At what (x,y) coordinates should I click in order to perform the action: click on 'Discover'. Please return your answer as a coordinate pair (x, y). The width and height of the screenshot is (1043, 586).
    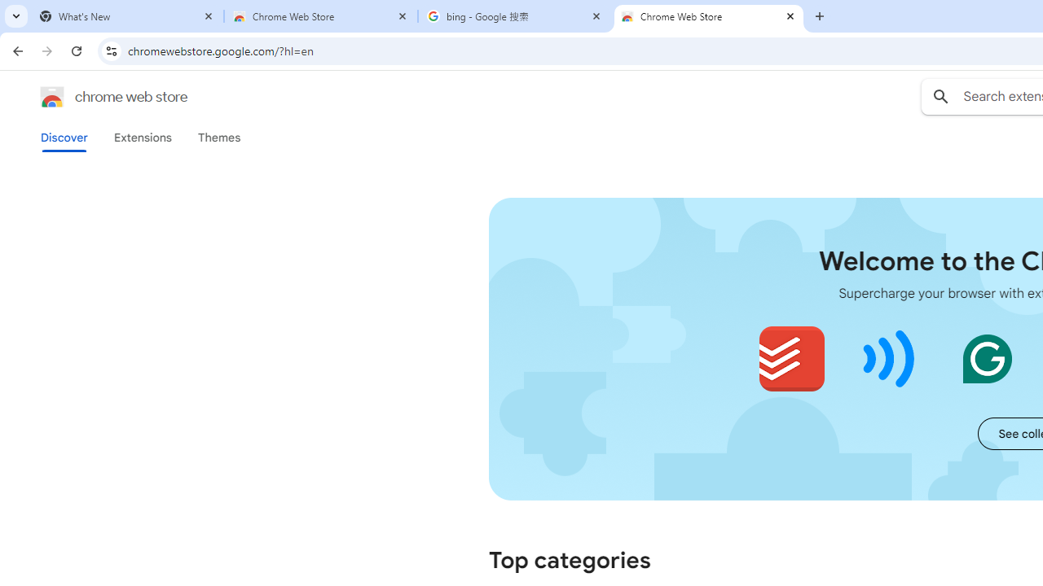
    Looking at the image, I should click on (64, 137).